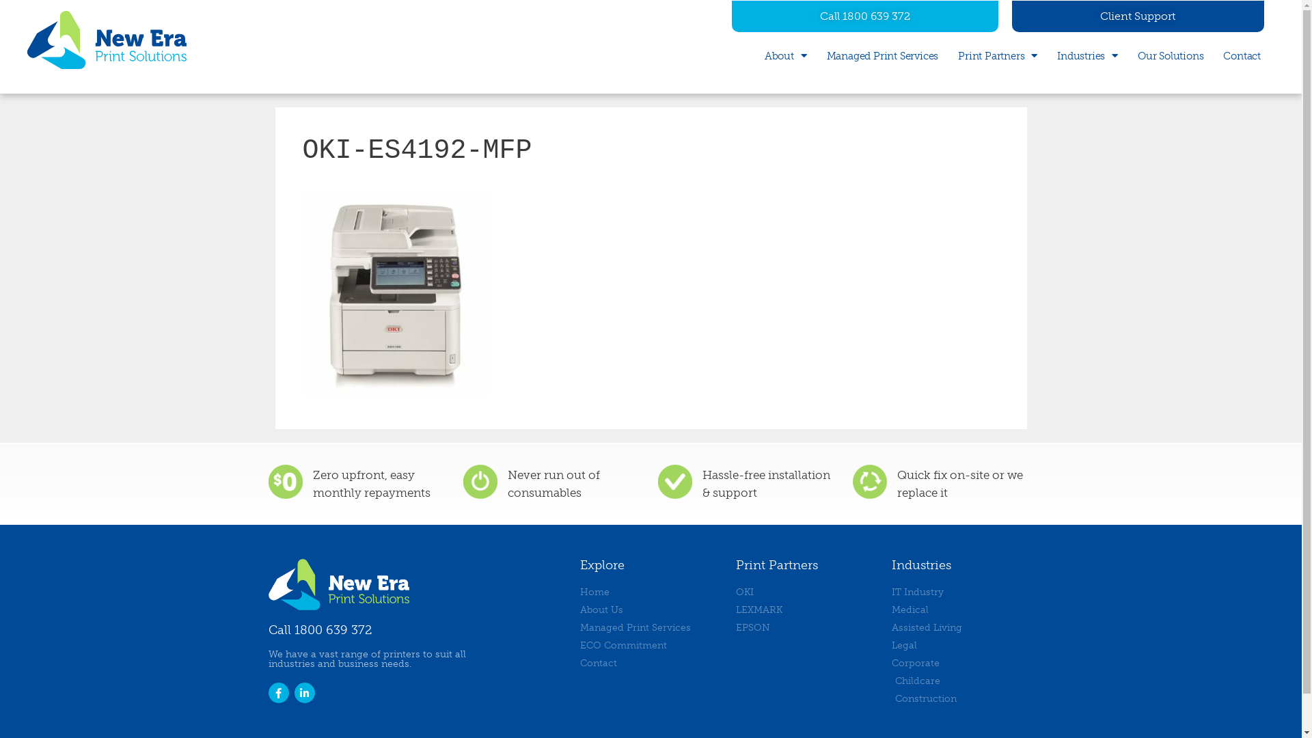 The height and width of the screenshot is (738, 1312). I want to click on 'OKI', so click(806, 591).